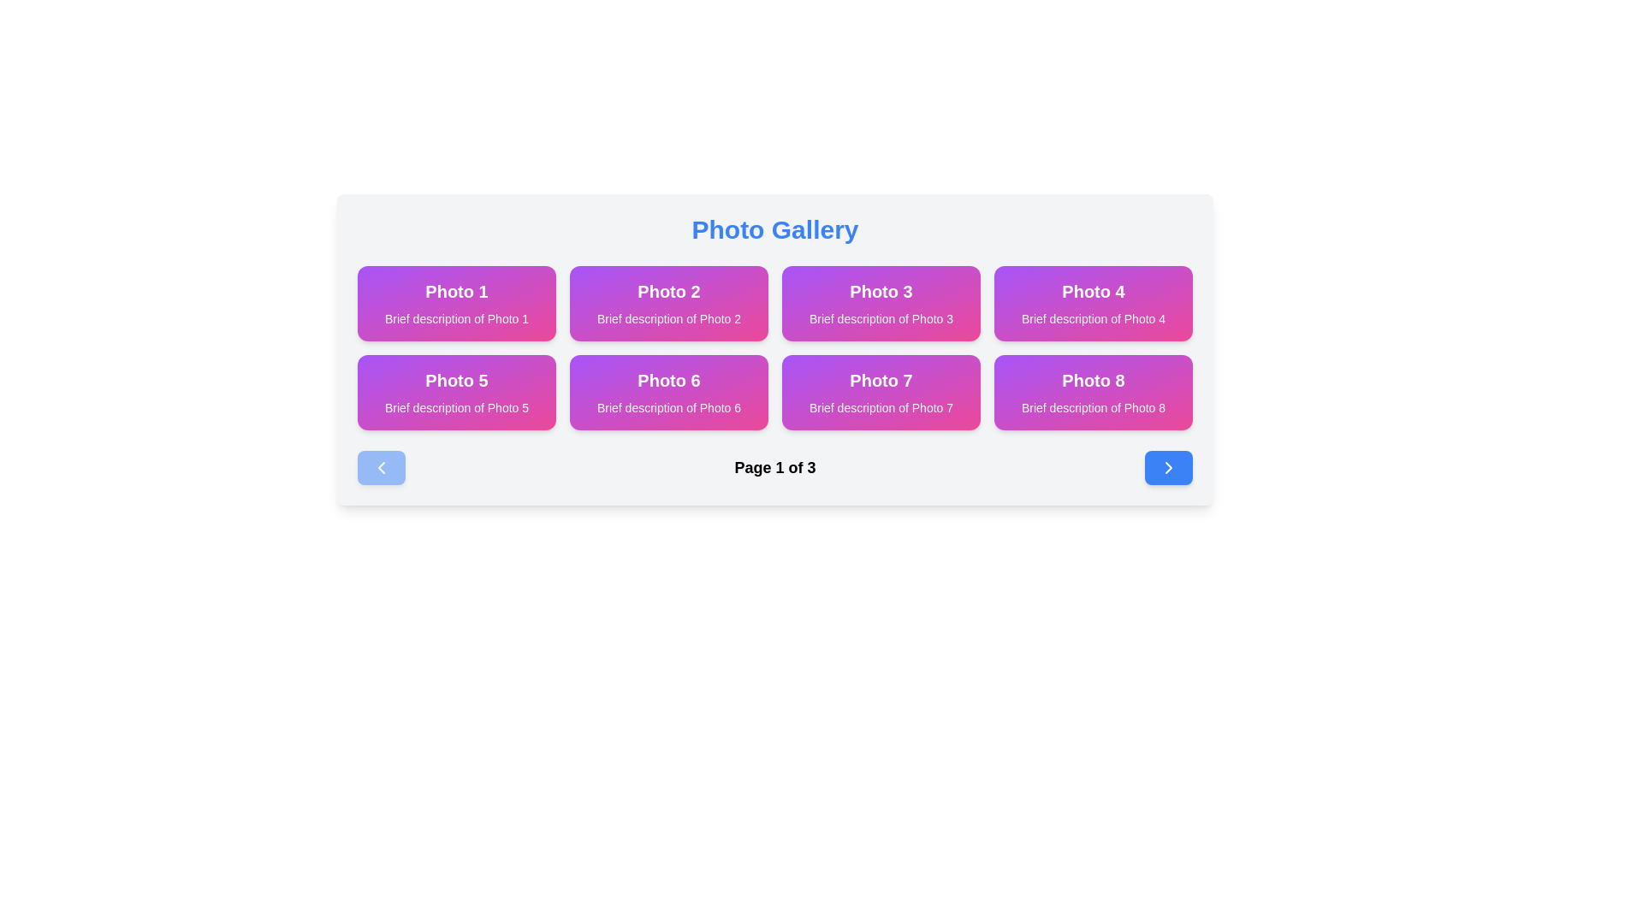  I want to click on text content of the informative label located within the 'Photo 4' card, positioned below the title text, so click(1092, 319).